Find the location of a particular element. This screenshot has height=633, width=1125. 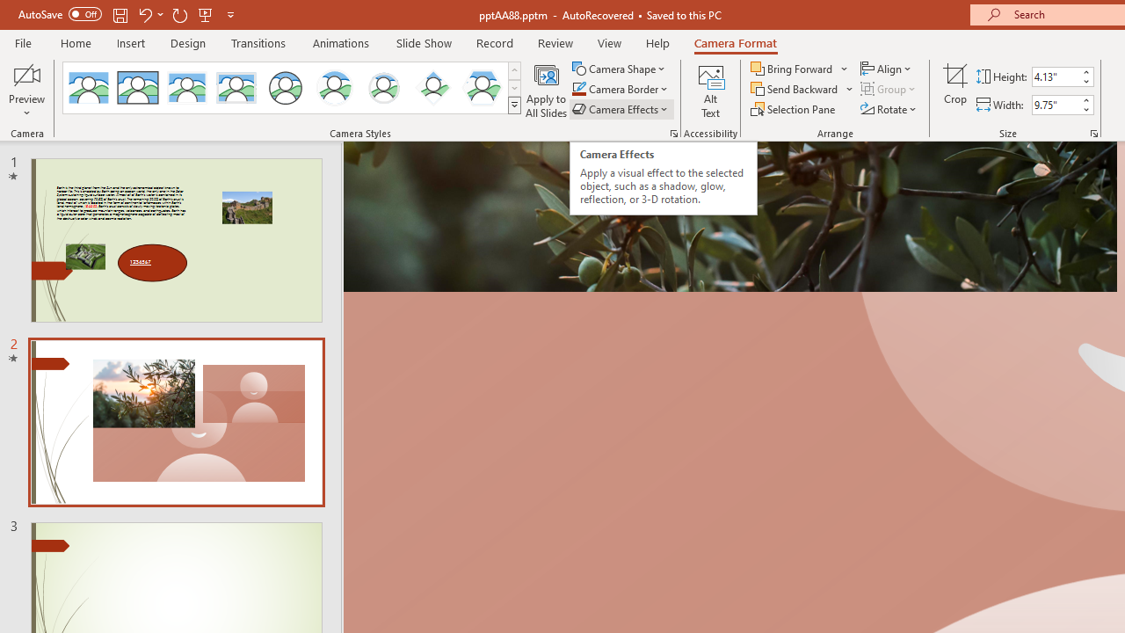

'Send Backward' is located at coordinates (795, 89).